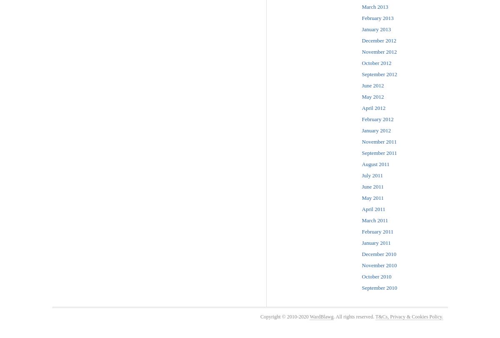  Describe the element at coordinates (321, 316) in the screenshot. I see `'WardBlawg'` at that location.